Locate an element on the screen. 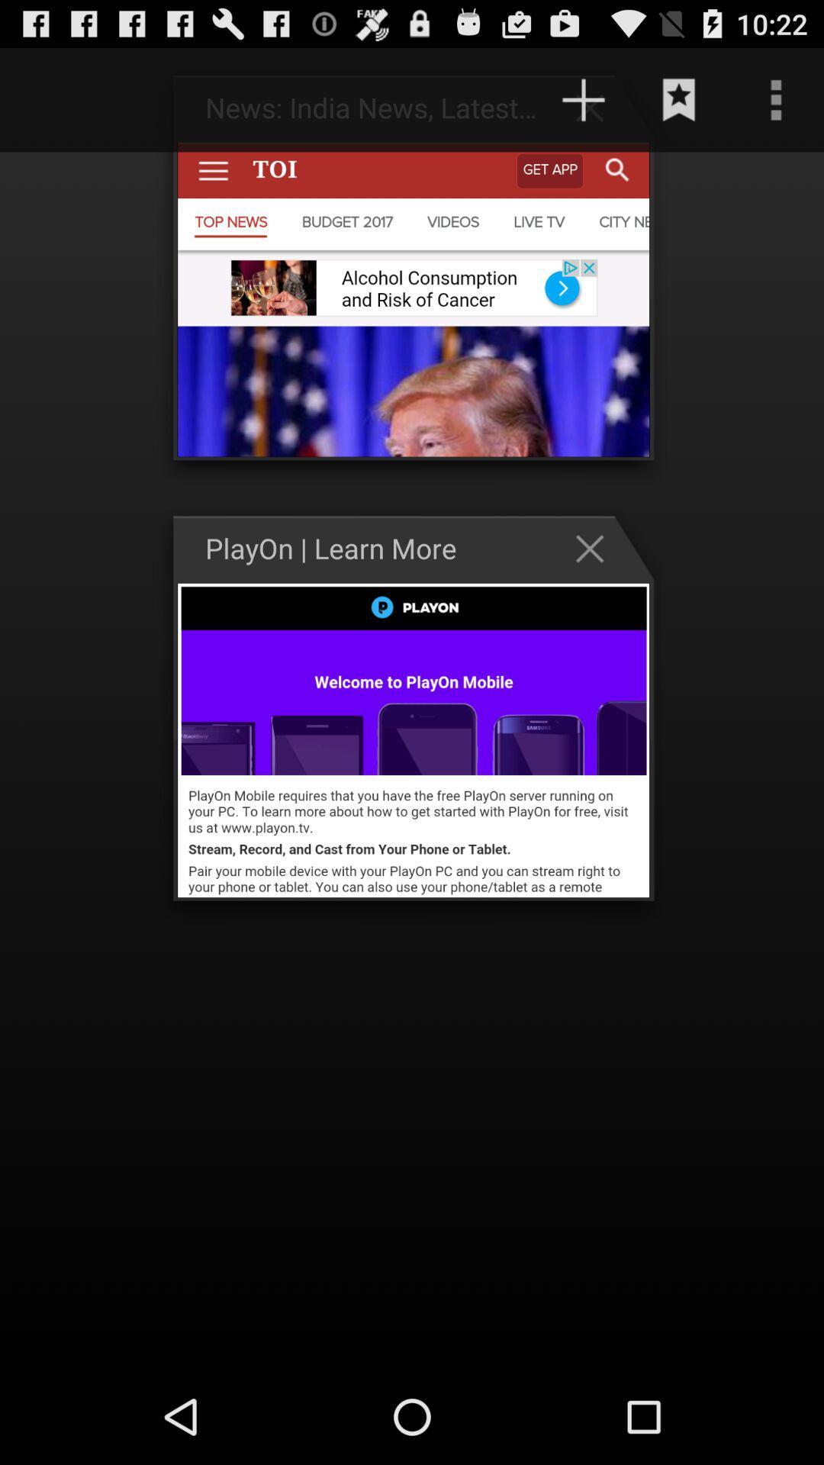 The image size is (824, 1465). the add icon is located at coordinates (597, 114).